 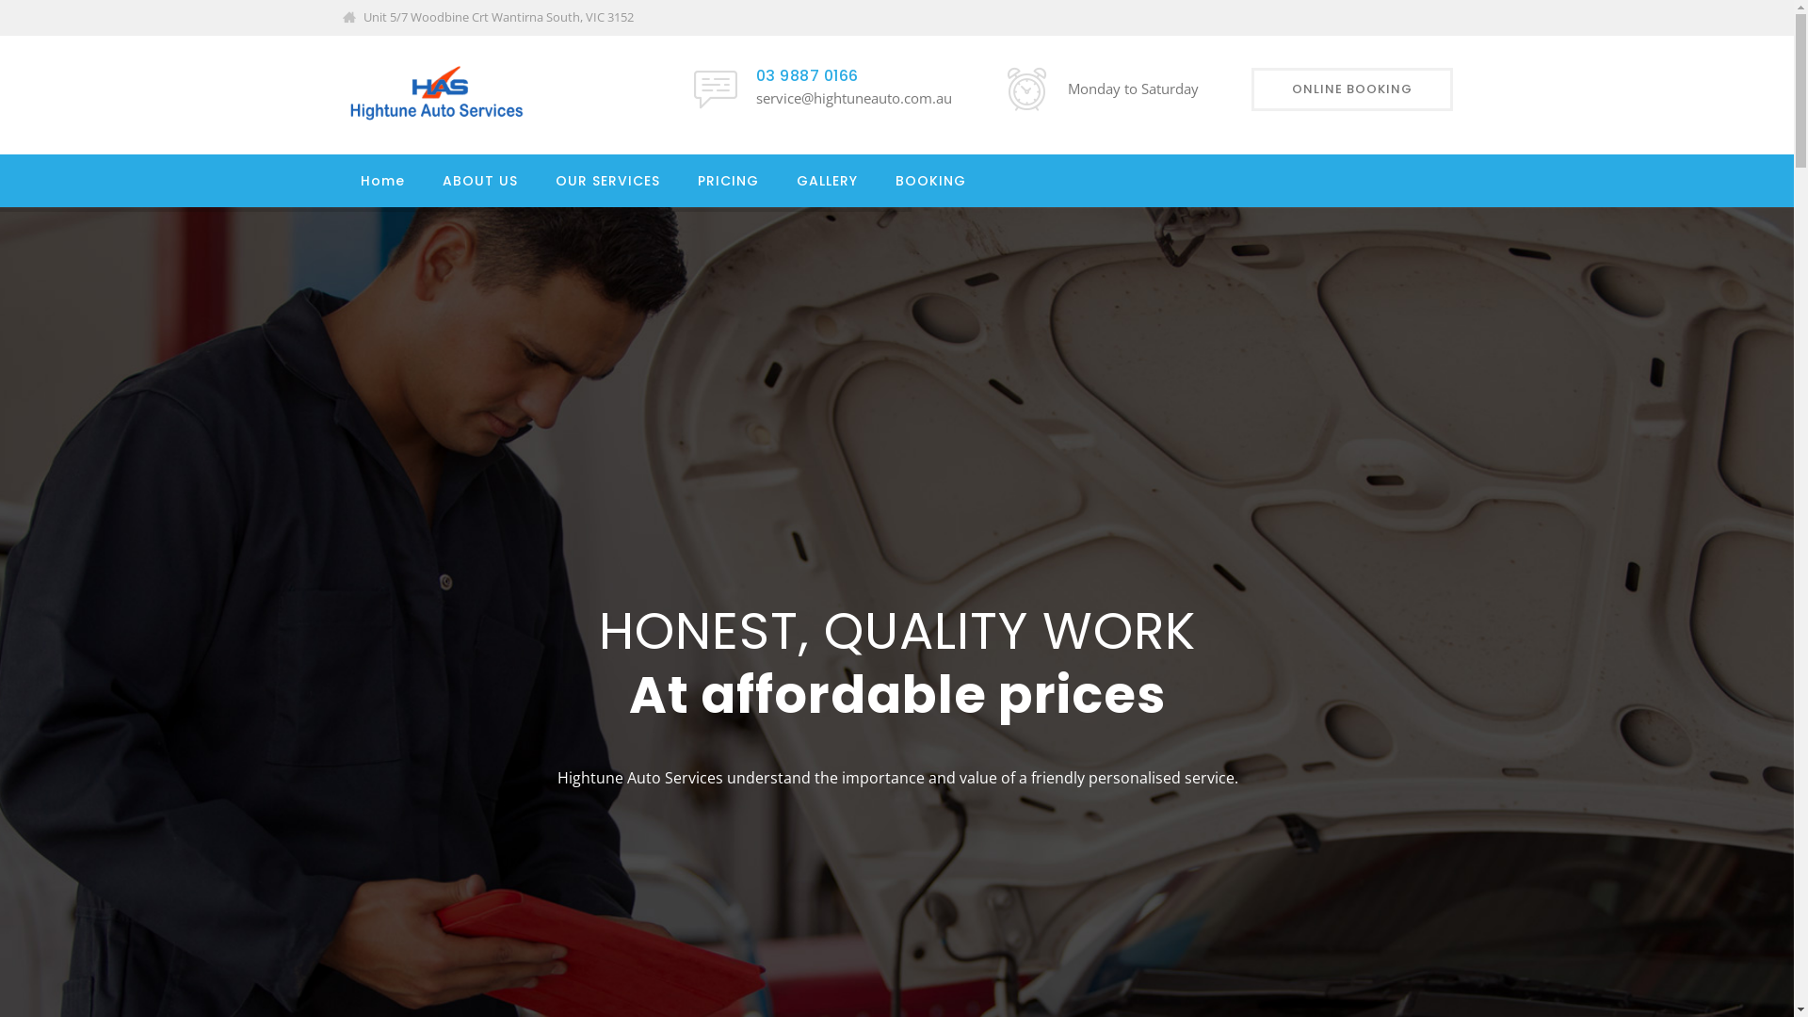 What do you see at coordinates (695, 181) in the screenshot?
I see `'PRICING'` at bounding box center [695, 181].